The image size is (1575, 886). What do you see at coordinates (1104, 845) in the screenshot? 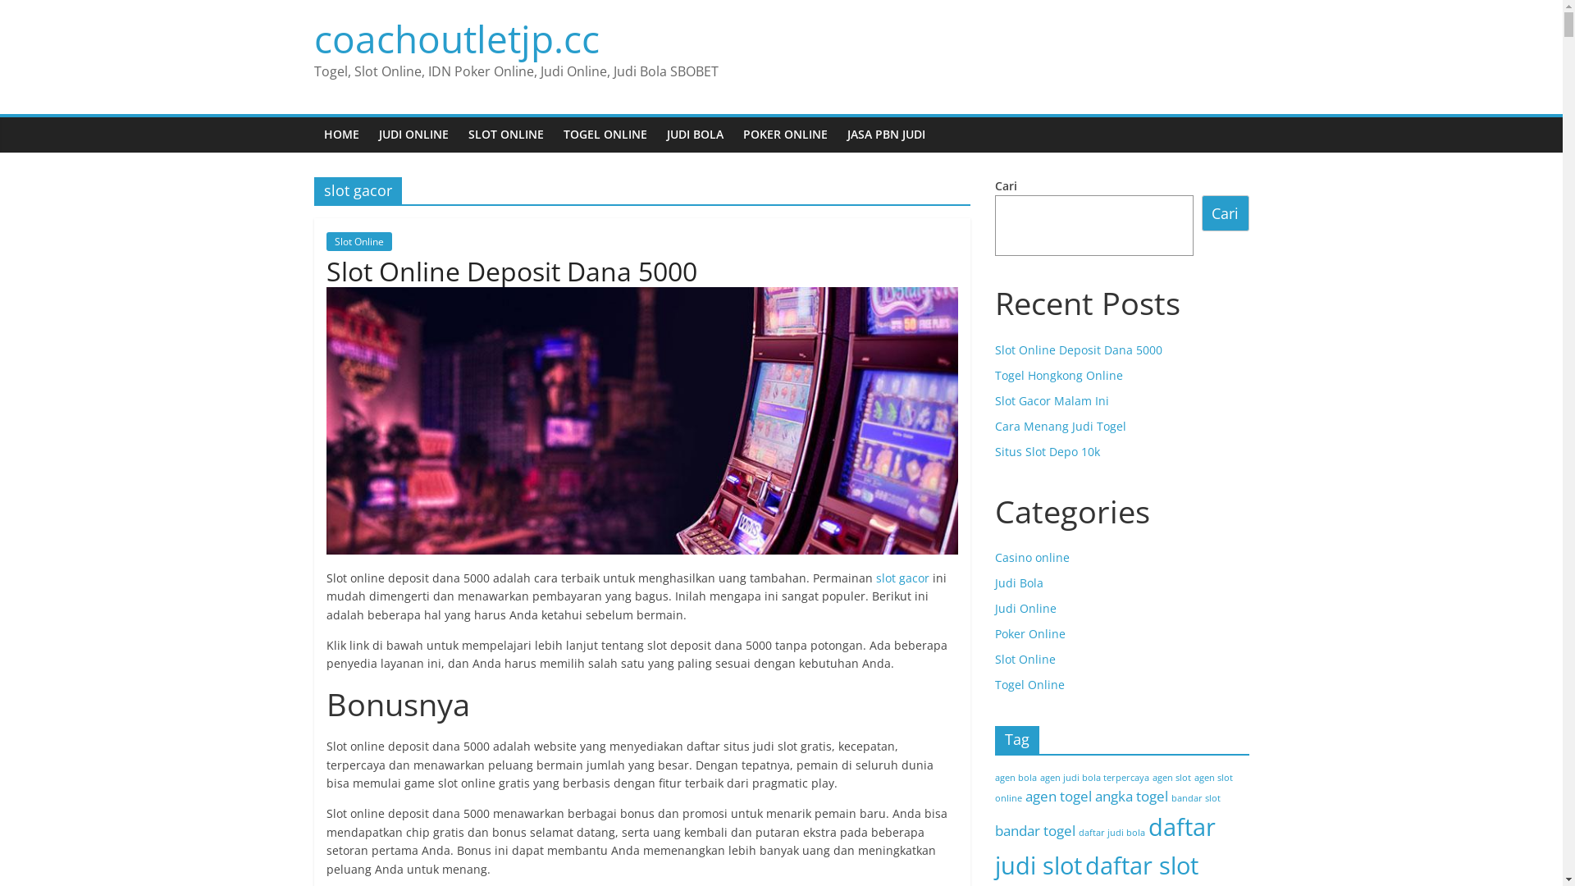
I see `'daftar judi slot'` at bounding box center [1104, 845].